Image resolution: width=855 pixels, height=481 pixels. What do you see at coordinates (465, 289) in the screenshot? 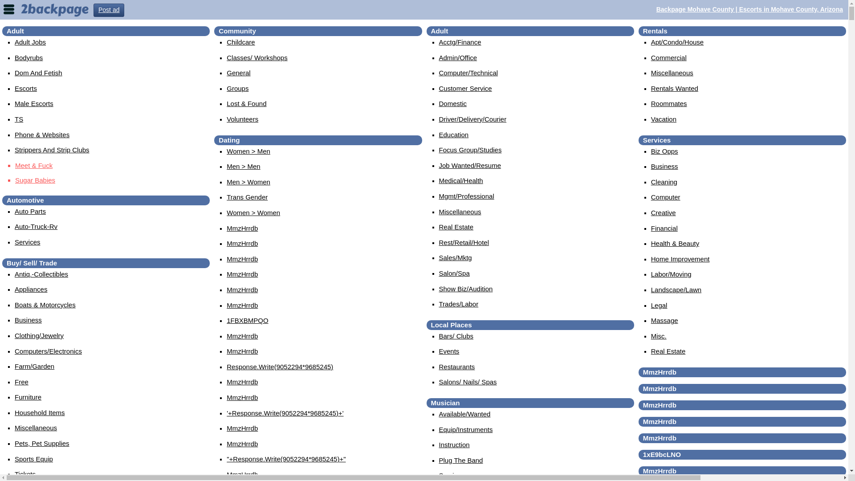
I see `'Show Biz/Audition'` at bounding box center [465, 289].